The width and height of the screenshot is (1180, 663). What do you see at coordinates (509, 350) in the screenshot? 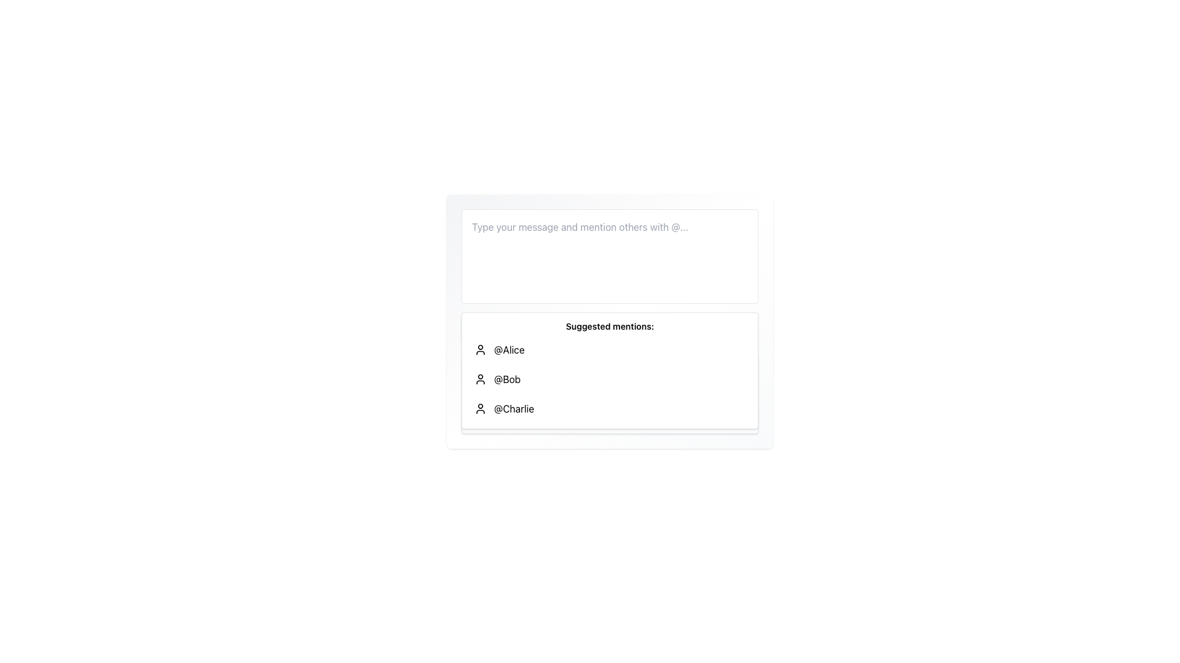
I see `the text label '@Alice' in the suggestion dropdown` at bounding box center [509, 350].